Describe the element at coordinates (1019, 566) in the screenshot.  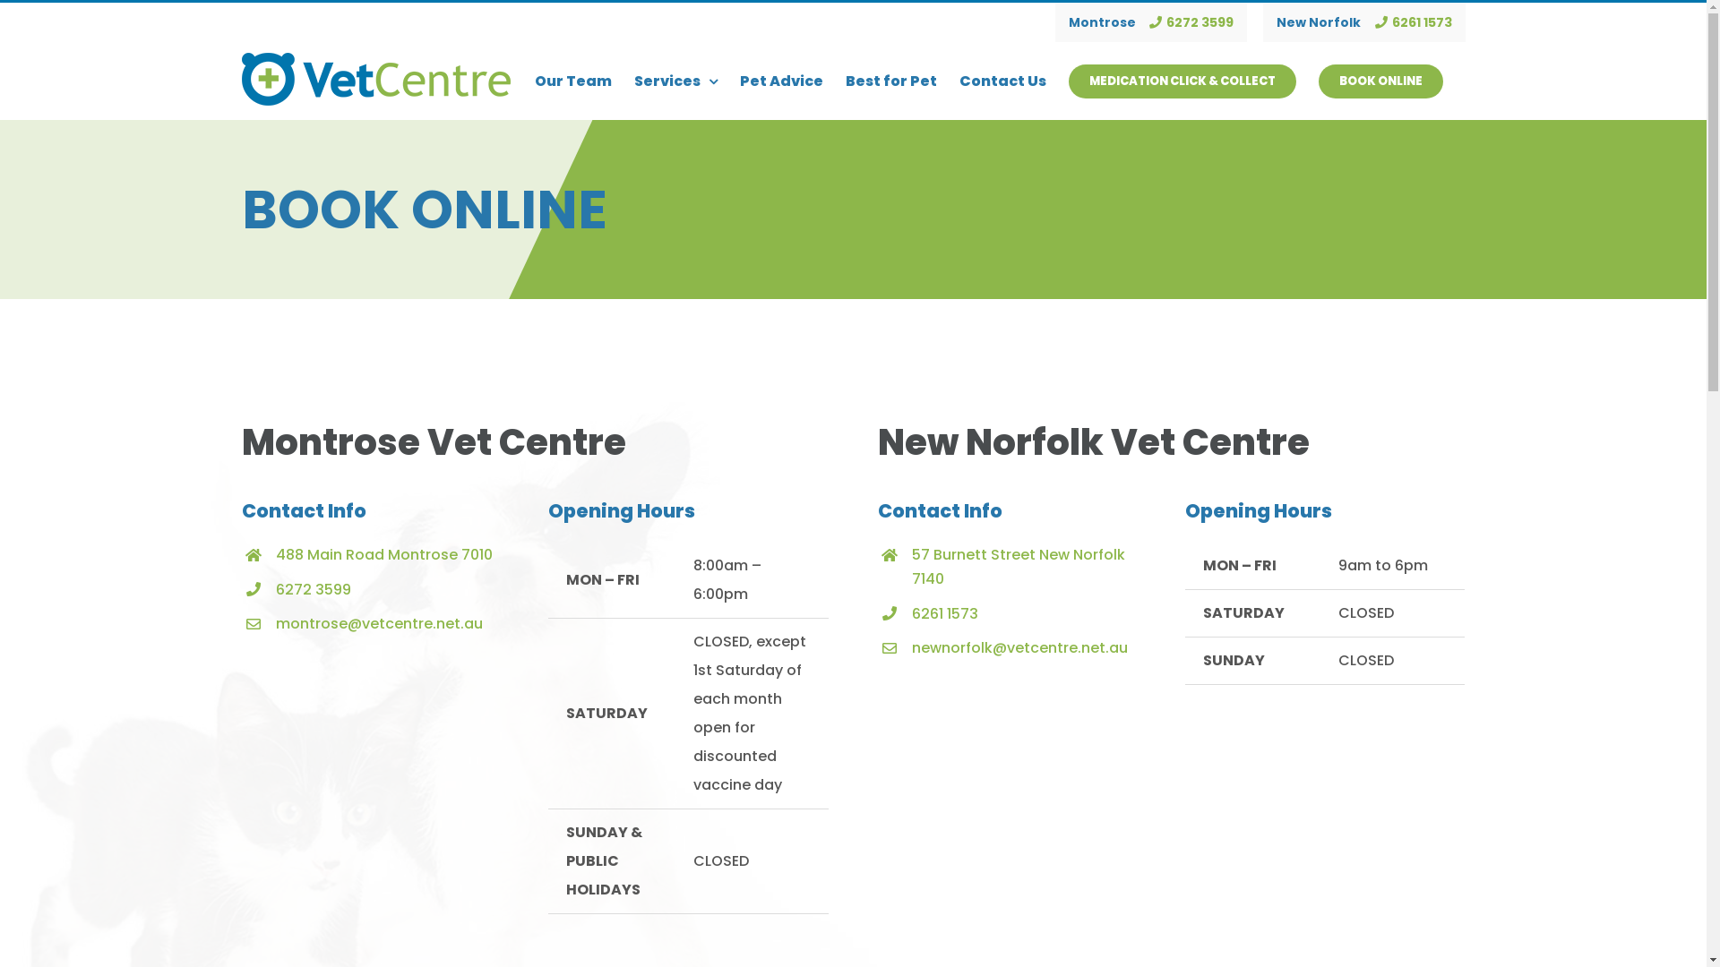
I see `'57 Burnett Street New Norfolk 7140'` at that location.